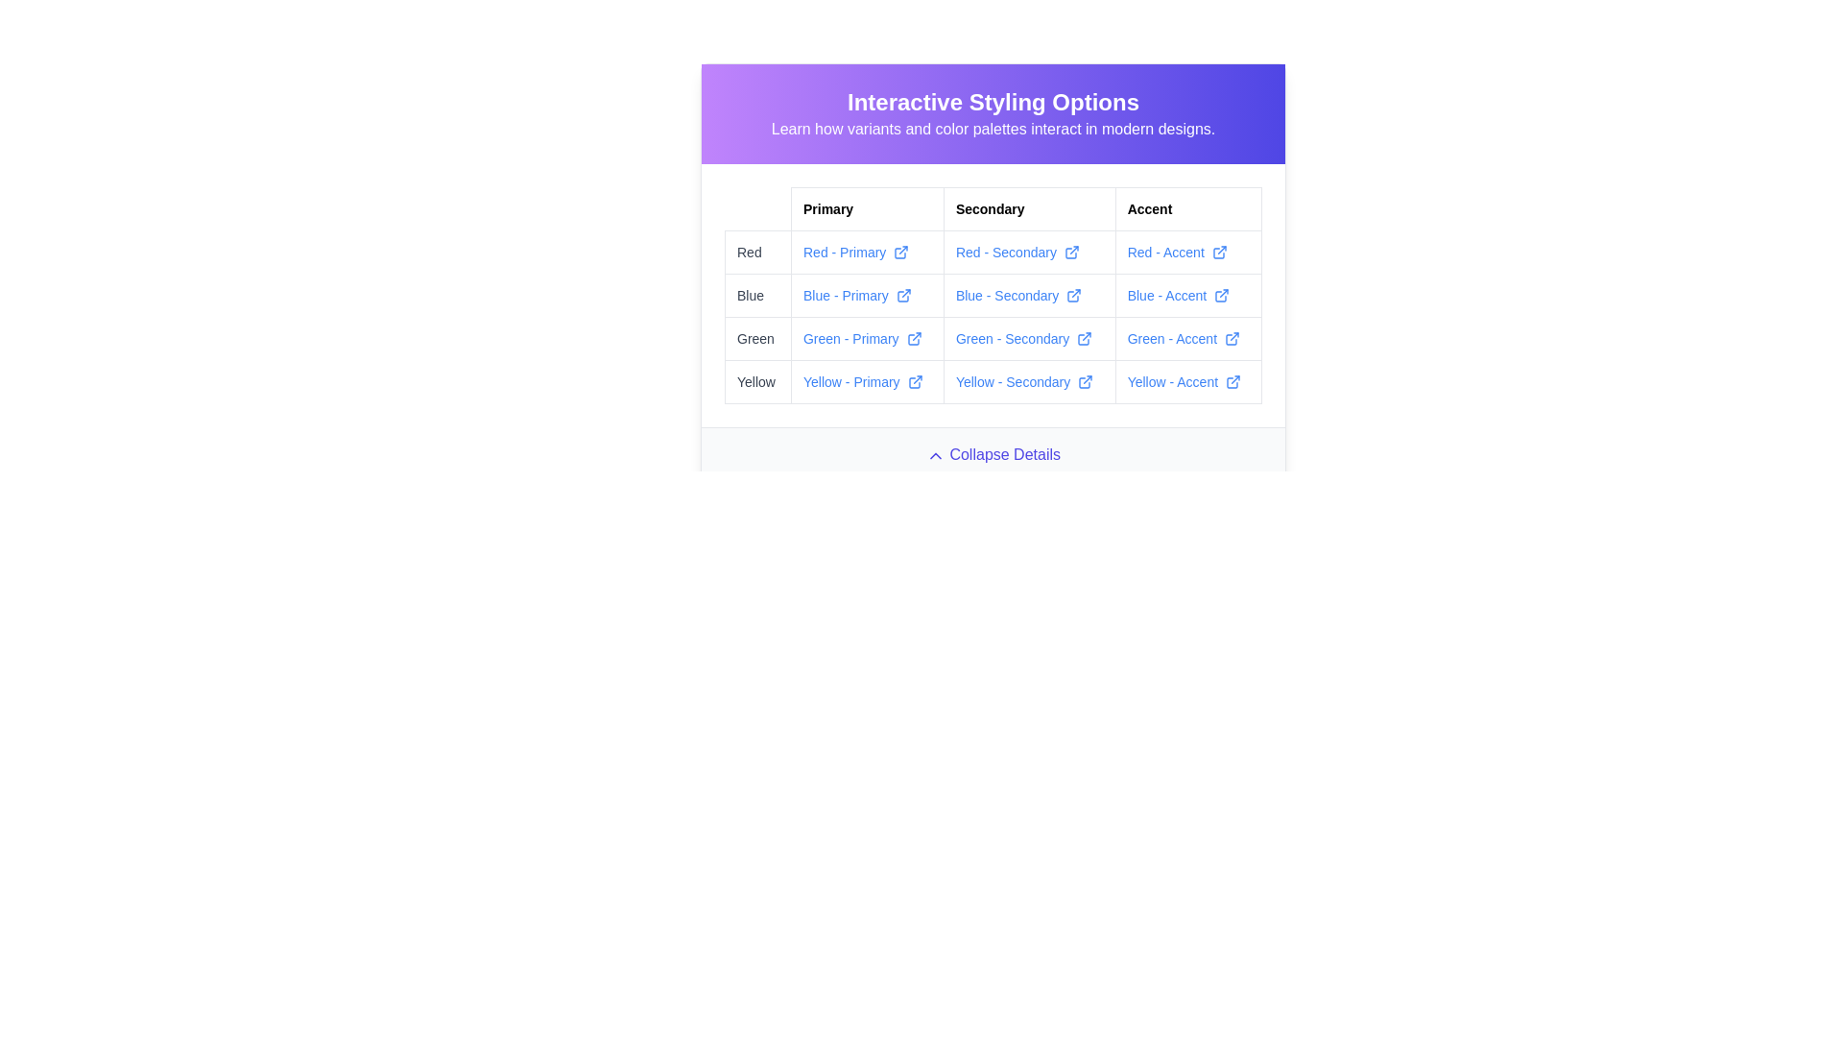  What do you see at coordinates (1187, 338) in the screenshot?
I see `the hyperlink labeled 'Green - Accent' styled in blue font, which has an external link icon next to it` at bounding box center [1187, 338].